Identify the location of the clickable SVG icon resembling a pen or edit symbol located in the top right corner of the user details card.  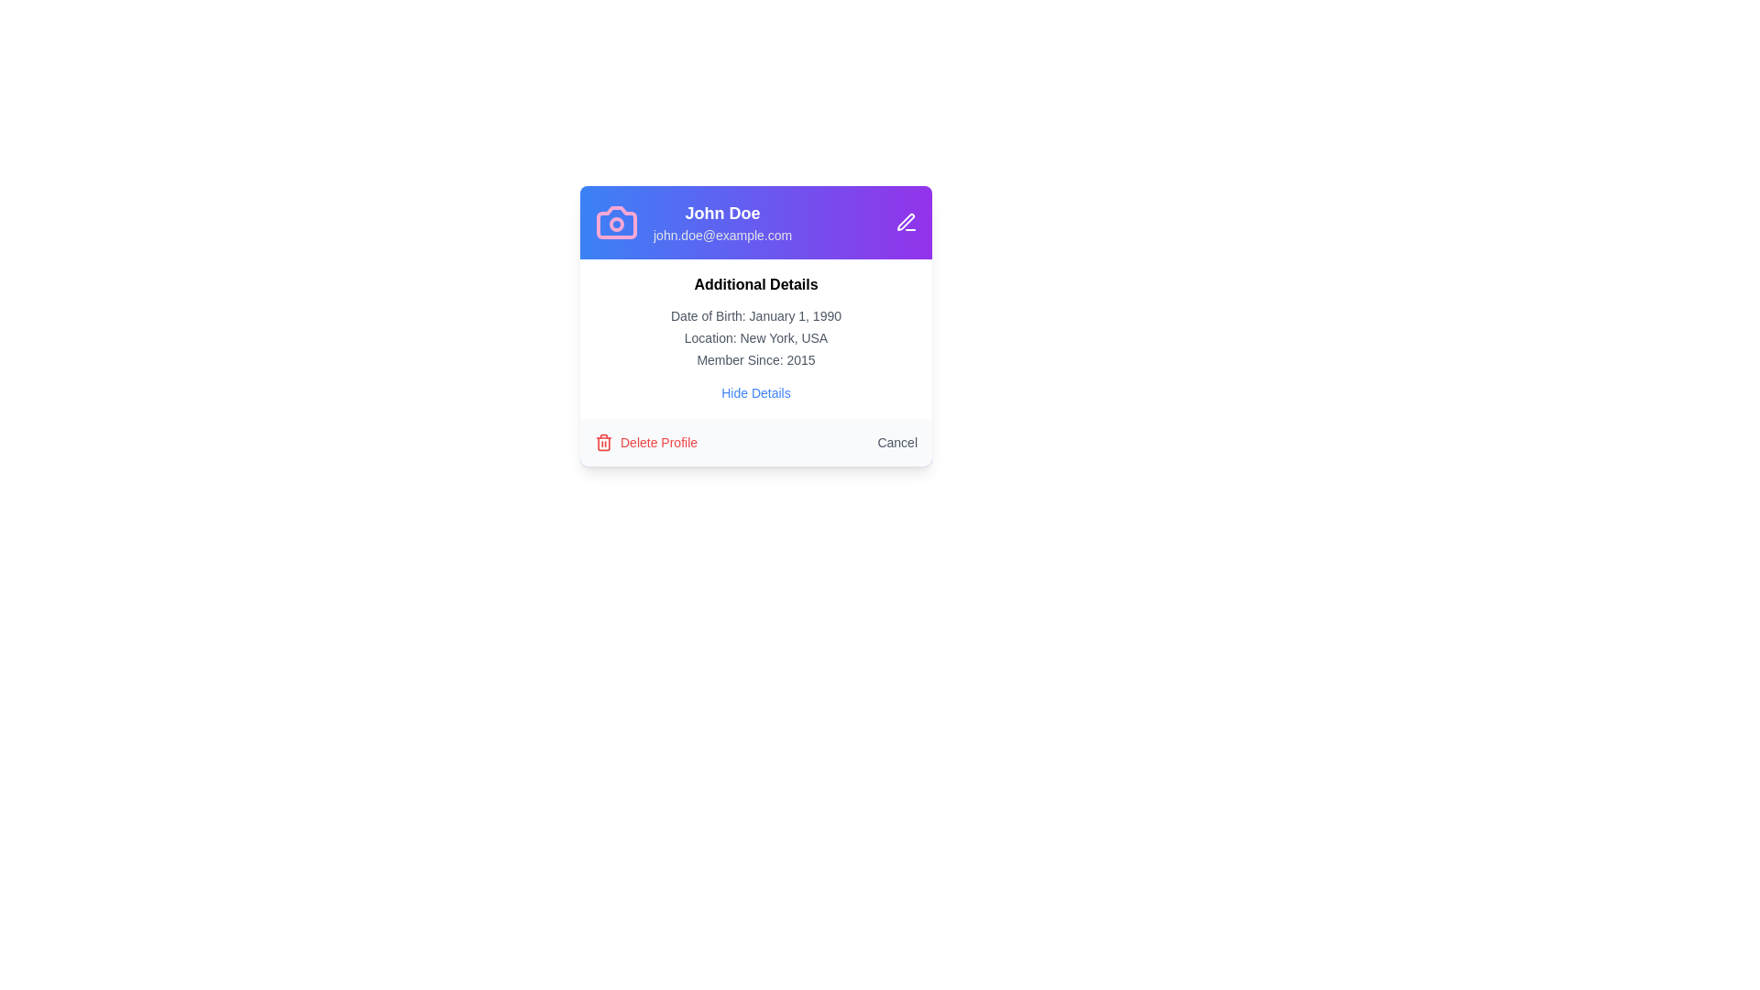
(906, 221).